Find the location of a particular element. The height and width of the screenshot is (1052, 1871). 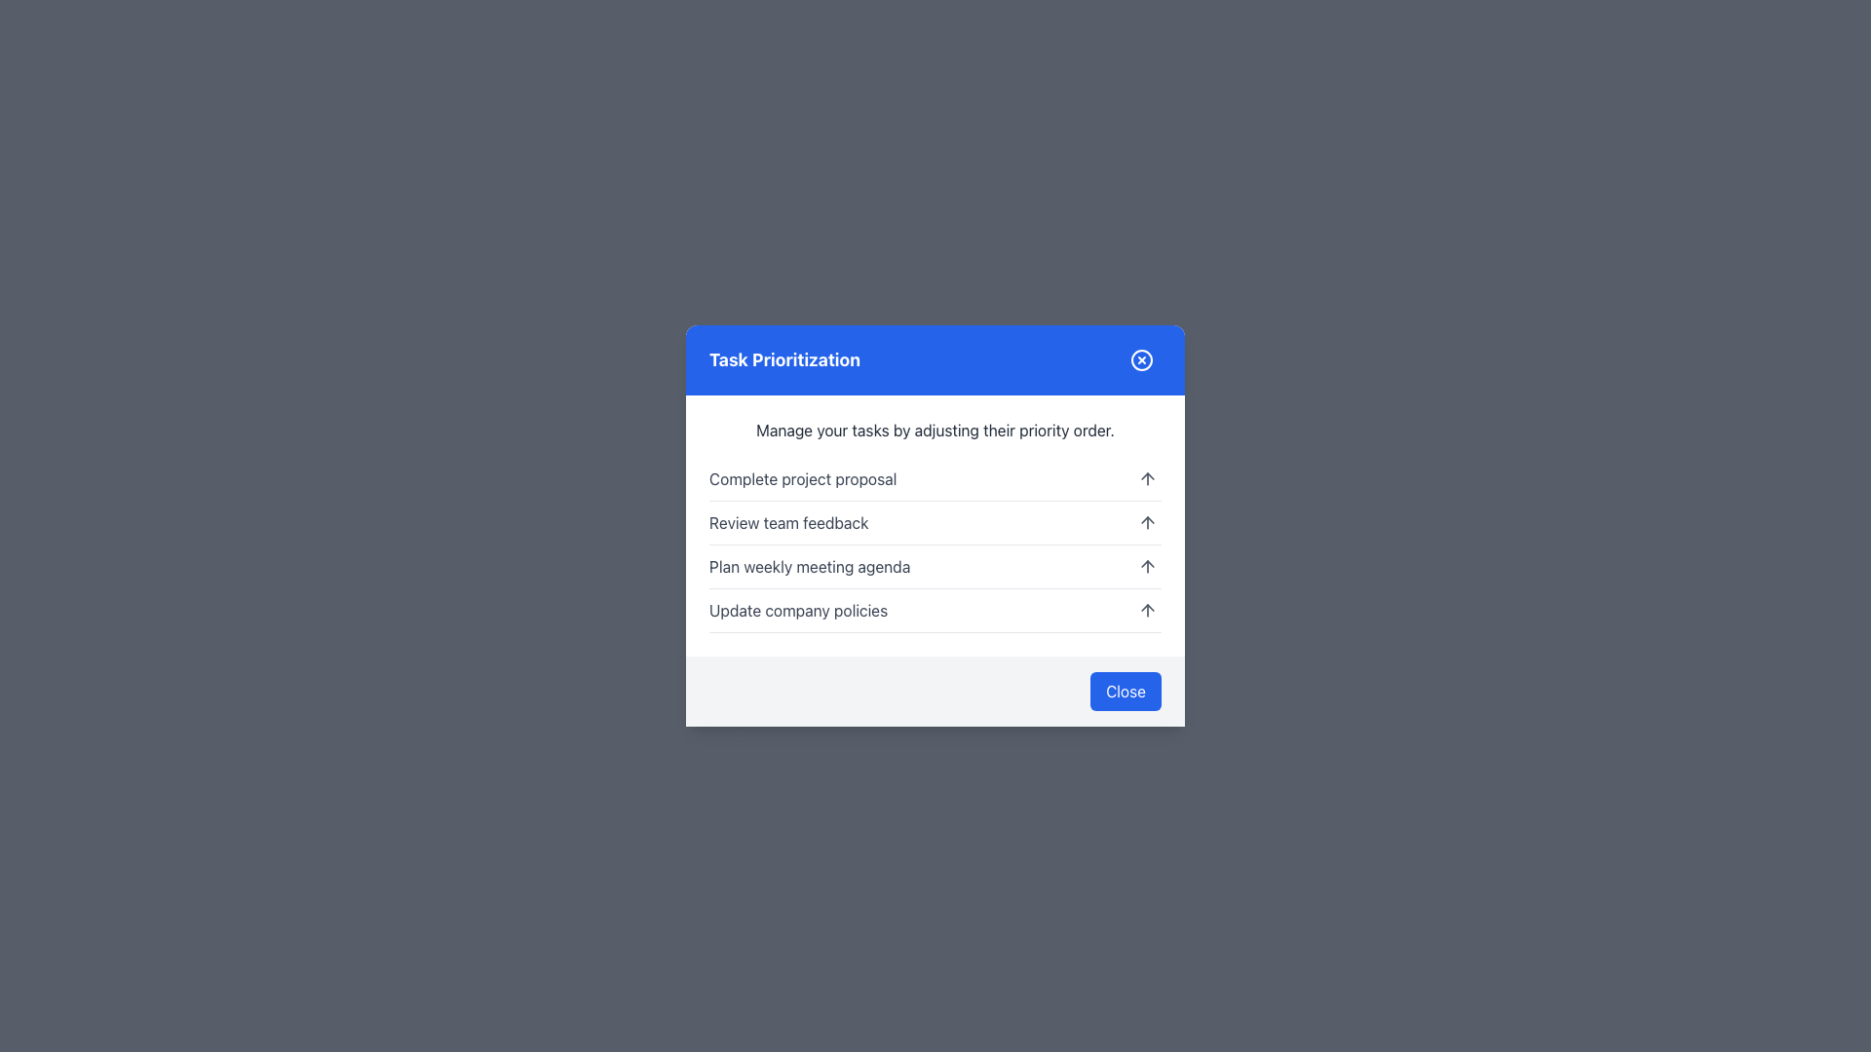

the upward-facing arrow button next to 'Complete project proposal' is located at coordinates (1147, 479).